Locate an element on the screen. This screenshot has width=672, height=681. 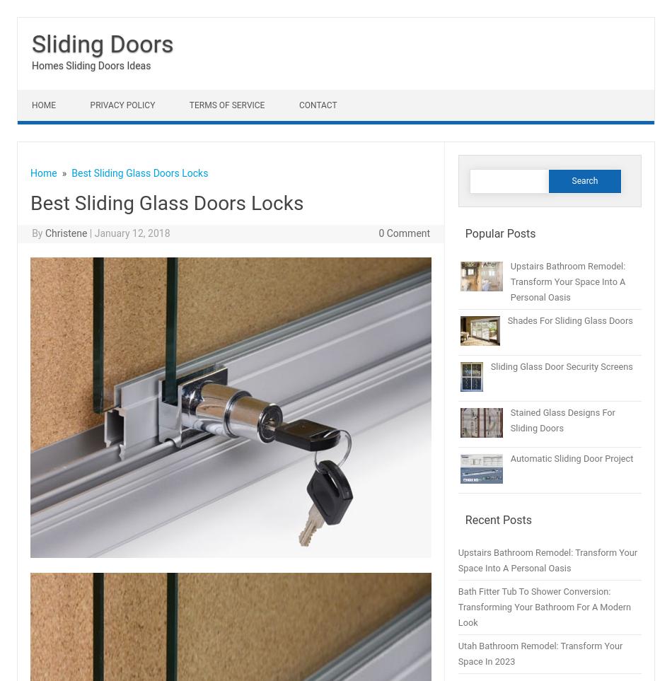
'Terms Of Service' is located at coordinates (226, 105).